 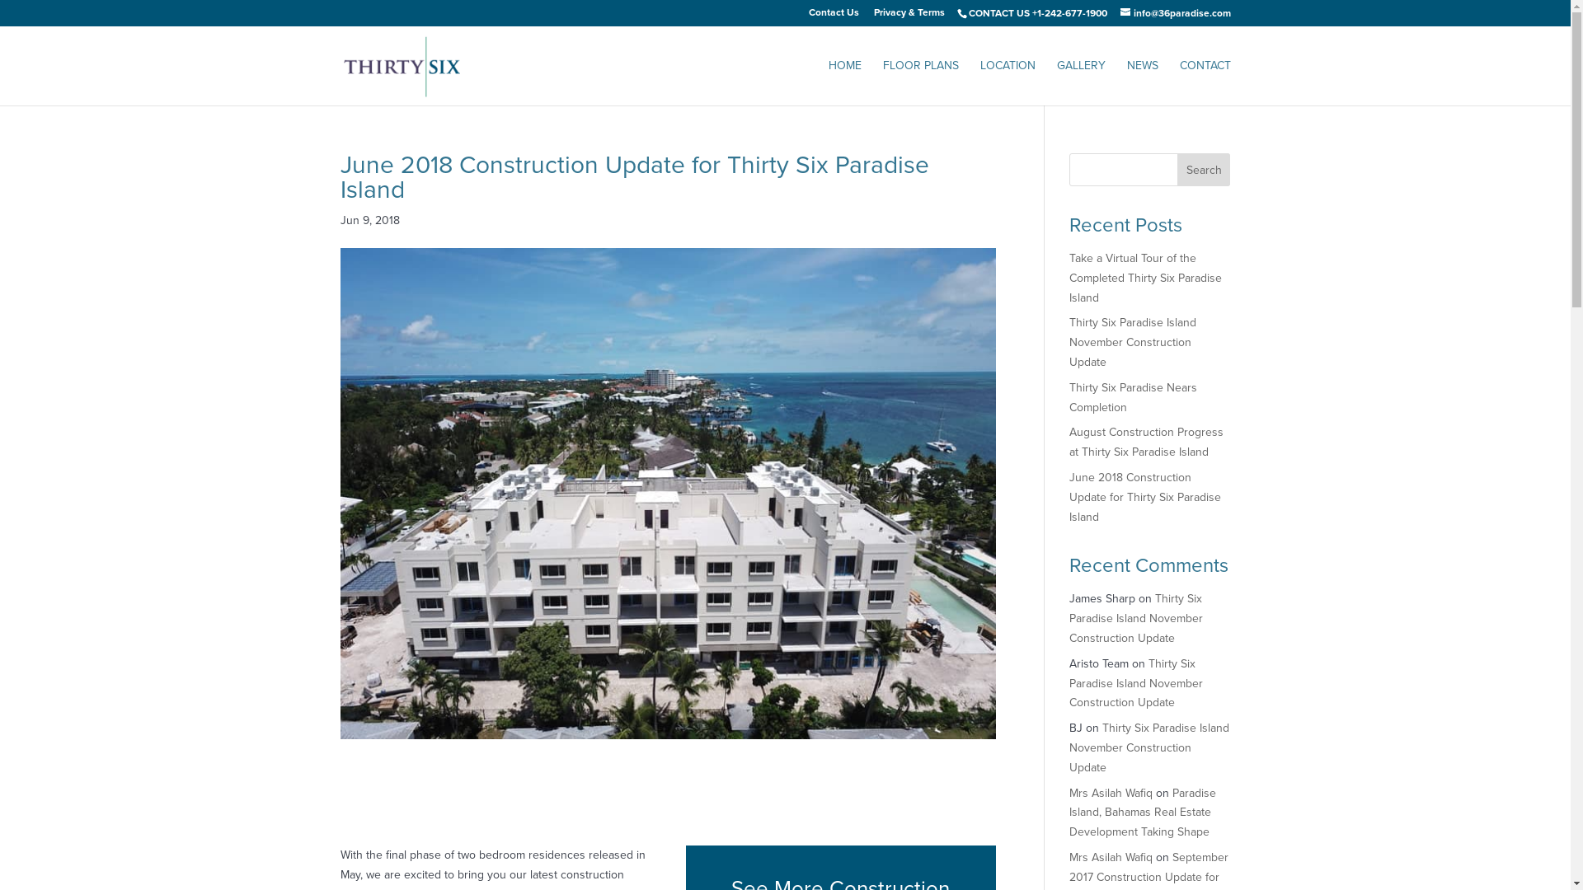 I want to click on 'info@36paradise.com', so click(x=1174, y=12).